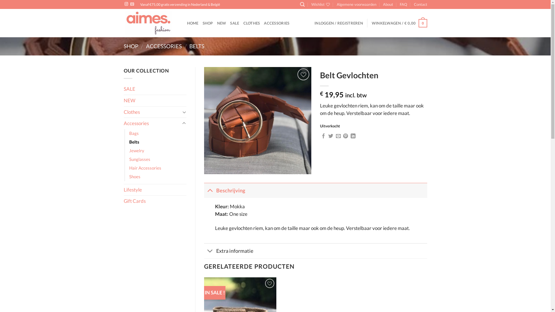  Describe the element at coordinates (155, 190) in the screenshot. I see `'Lifestyle'` at that location.